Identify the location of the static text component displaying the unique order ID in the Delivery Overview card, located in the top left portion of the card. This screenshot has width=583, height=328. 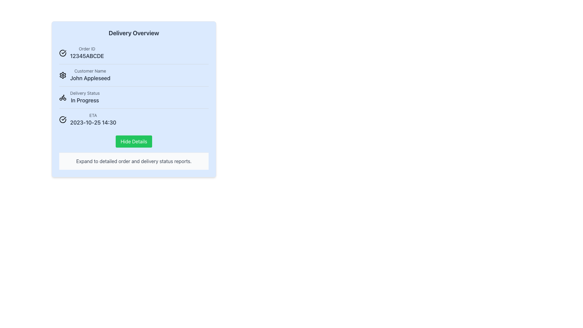
(87, 56).